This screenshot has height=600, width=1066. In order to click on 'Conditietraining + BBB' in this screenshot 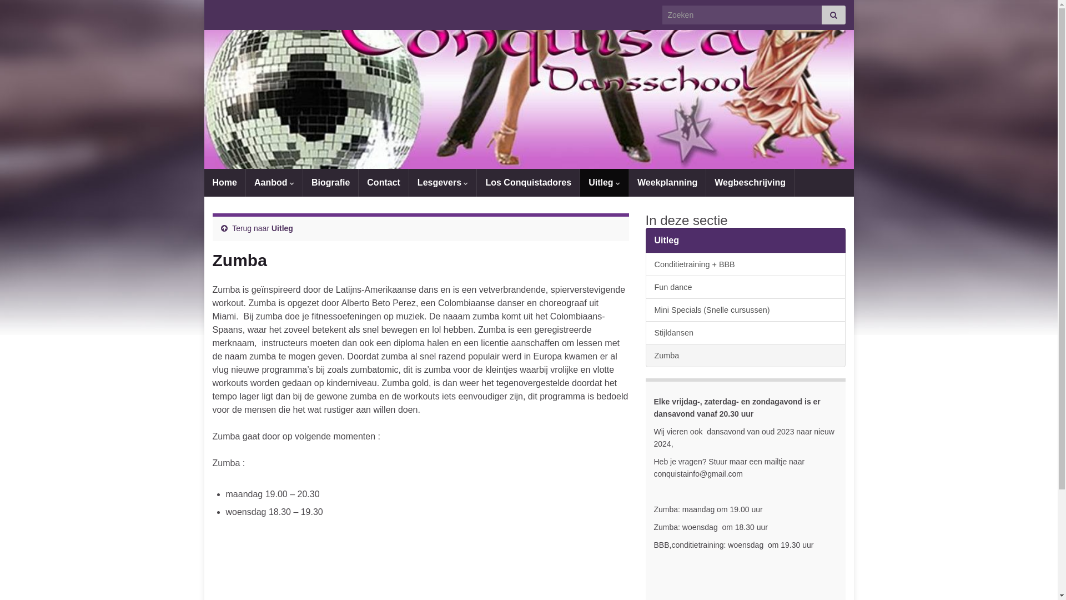, I will do `click(745, 264)`.